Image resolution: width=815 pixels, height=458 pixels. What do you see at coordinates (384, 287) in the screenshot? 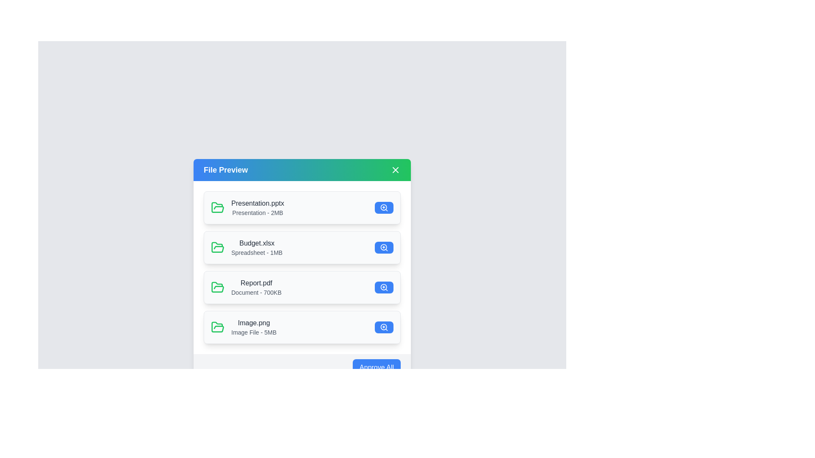
I see `the 'Zoom' button next to the file named Report.pdf` at bounding box center [384, 287].